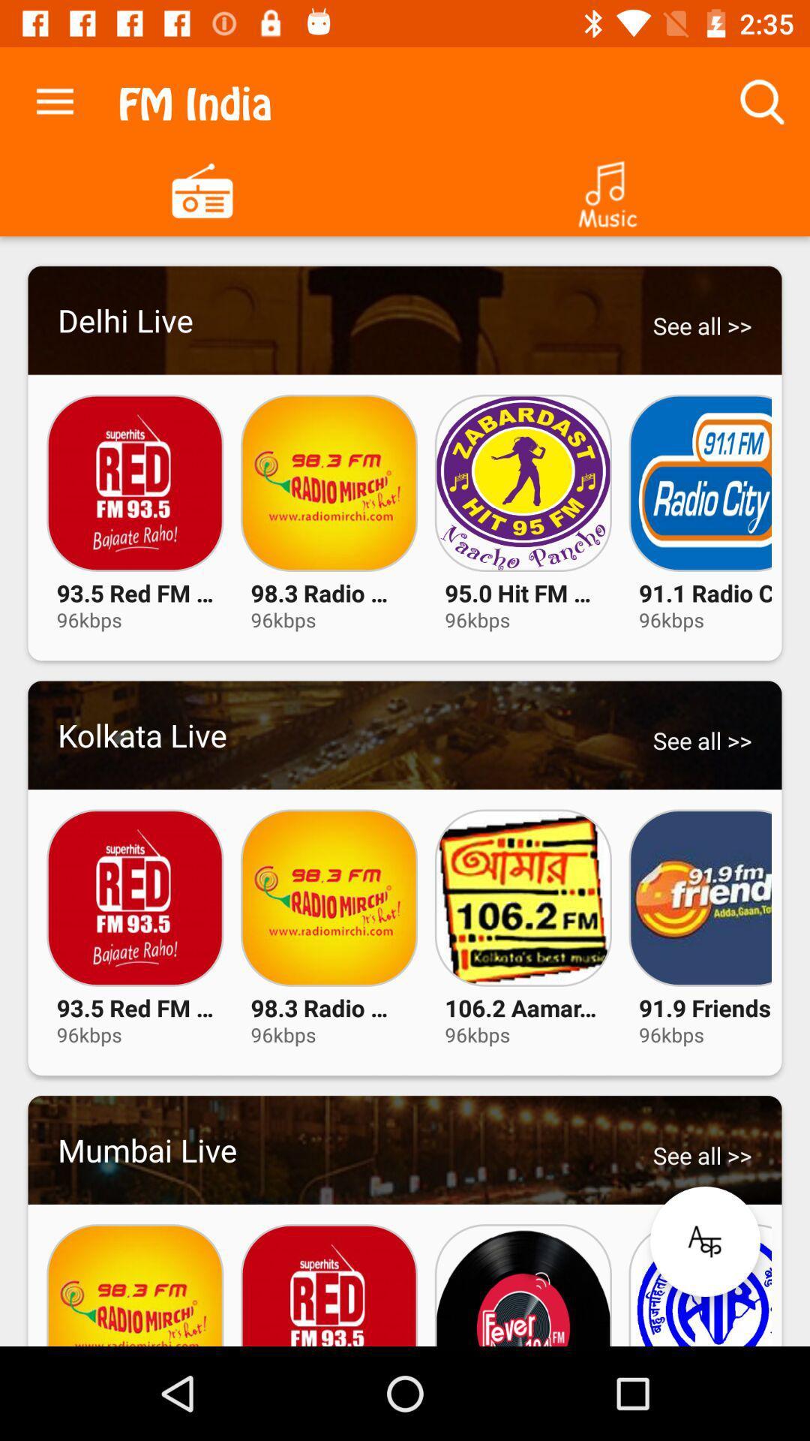  I want to click on icon to the left of fm india app, so click(54, 98).